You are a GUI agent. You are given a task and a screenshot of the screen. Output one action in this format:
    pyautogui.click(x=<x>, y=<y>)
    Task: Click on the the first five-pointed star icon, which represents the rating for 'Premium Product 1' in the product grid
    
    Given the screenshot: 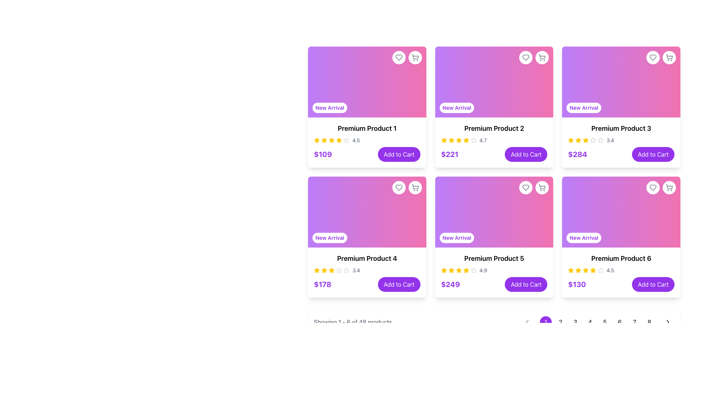 What is the action you would take?
    pyautogui.click(x=324, y=140)
    